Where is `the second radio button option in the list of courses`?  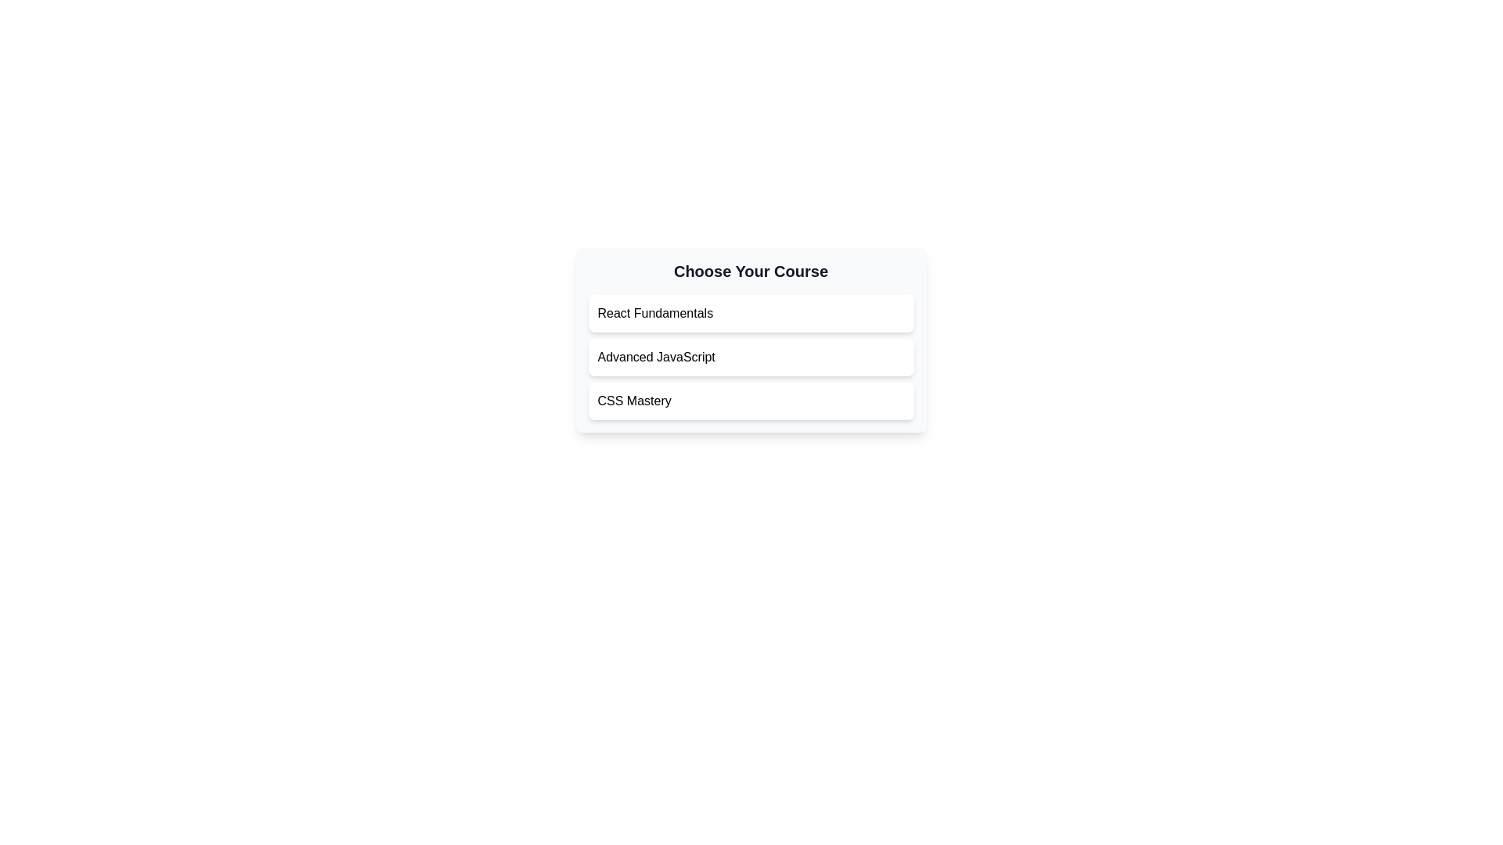 the second radio button option in the list of courses is located at coordinates (750, 357).